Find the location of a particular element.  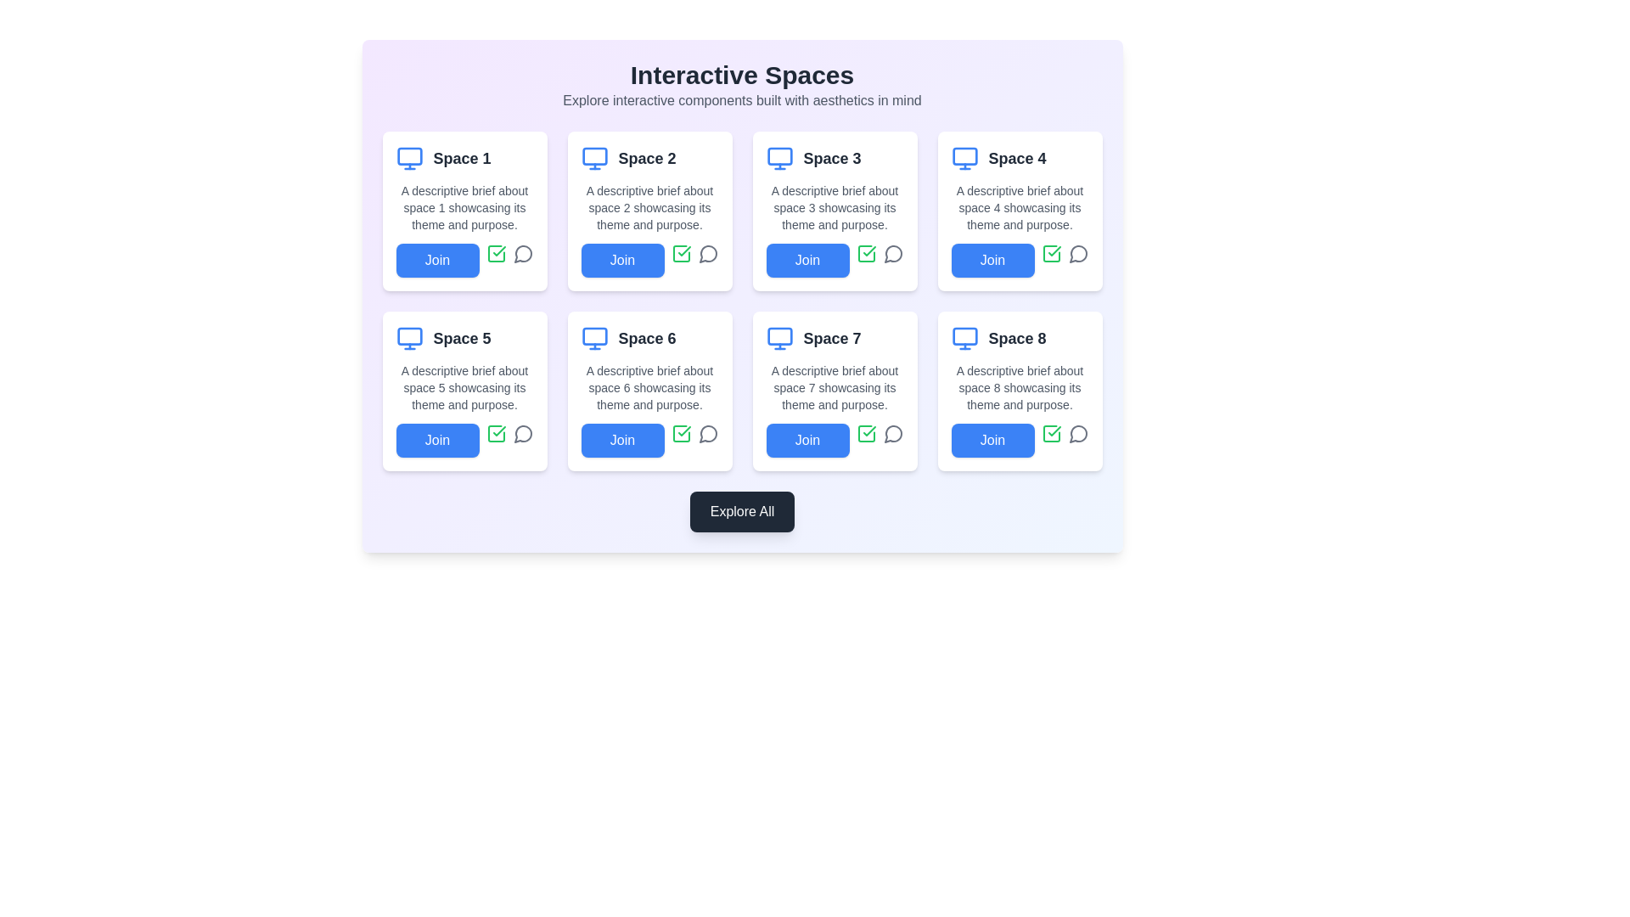

the icon representing the technological or digital theme located in the first column of the third row, to the left of the text 'Space 5' is located at coordinates (409, 338).